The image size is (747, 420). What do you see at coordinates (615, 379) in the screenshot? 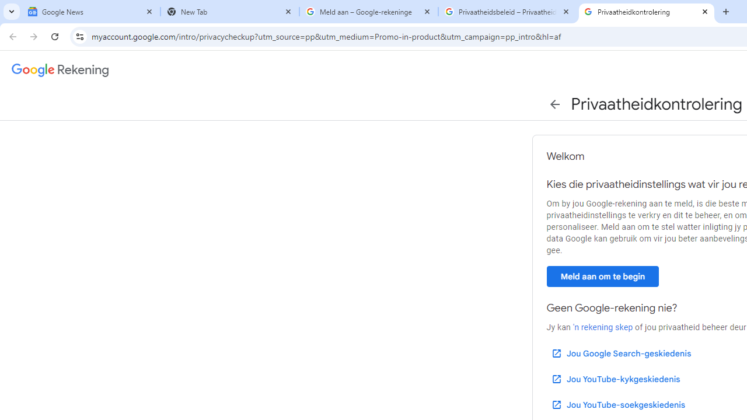
I see `'Jou YouTube-kykgeskiedenis'` at bounding box center [615, 379].